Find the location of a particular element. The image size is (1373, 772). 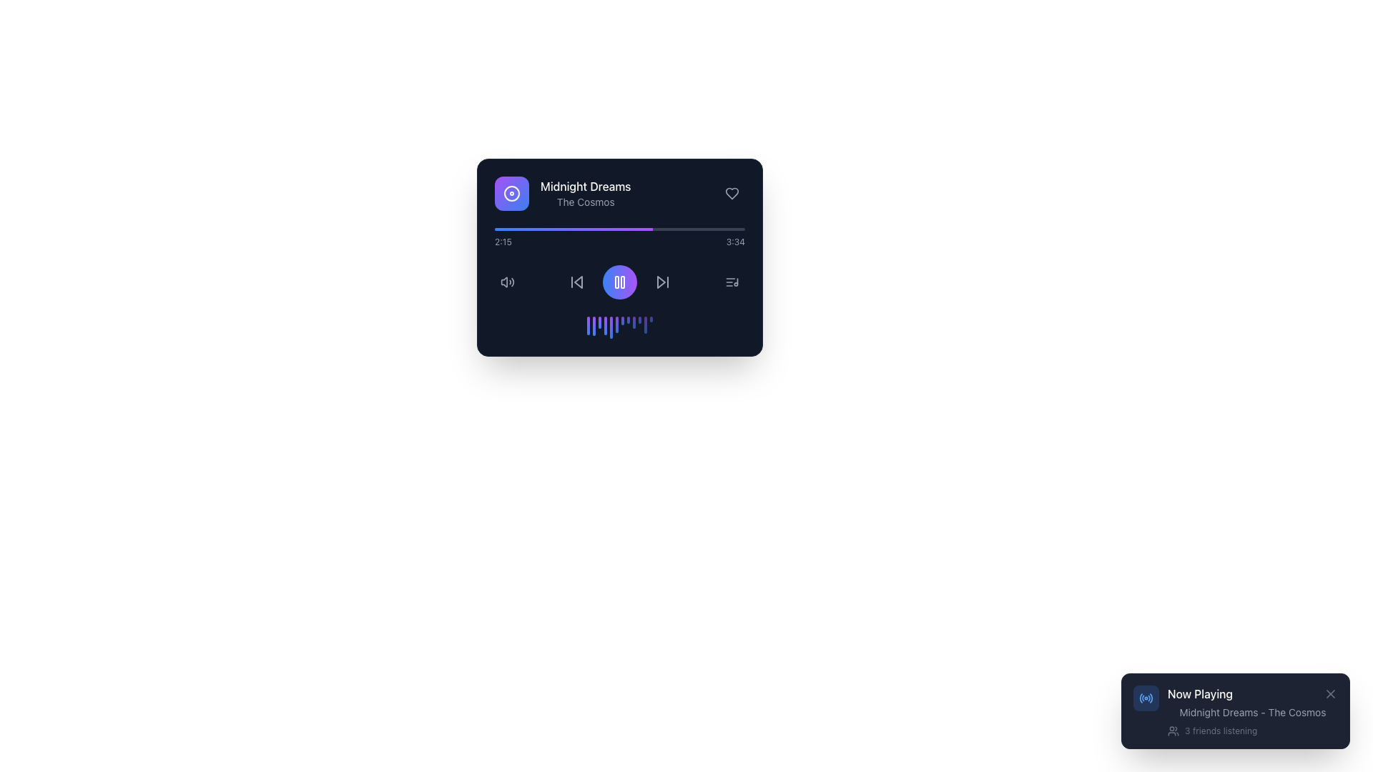

the main playback control button located at the center of the control panel in the lower portion of the music player interface for visual feedback is located at coordinates (620, 282).